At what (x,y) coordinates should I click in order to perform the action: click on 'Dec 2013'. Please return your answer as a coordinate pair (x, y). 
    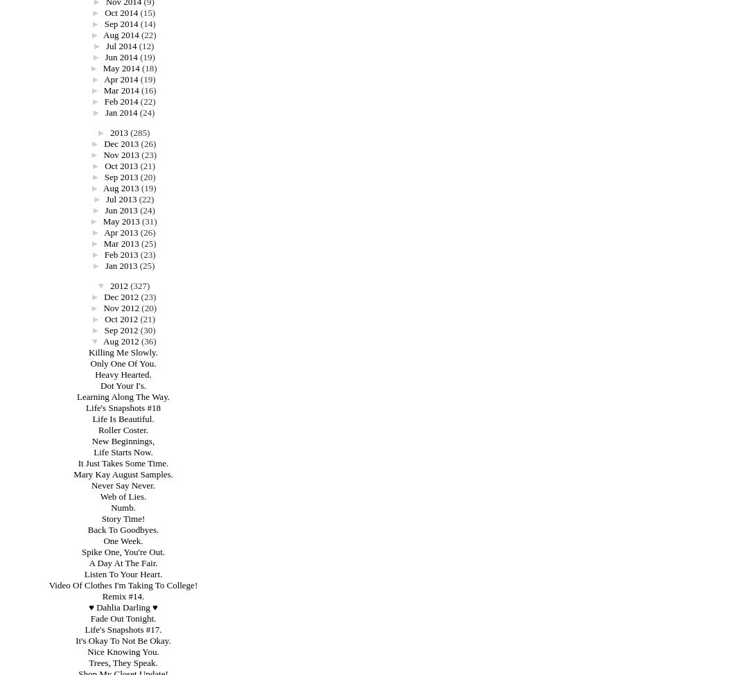
    Looking at the image, I should click on (120, 143).